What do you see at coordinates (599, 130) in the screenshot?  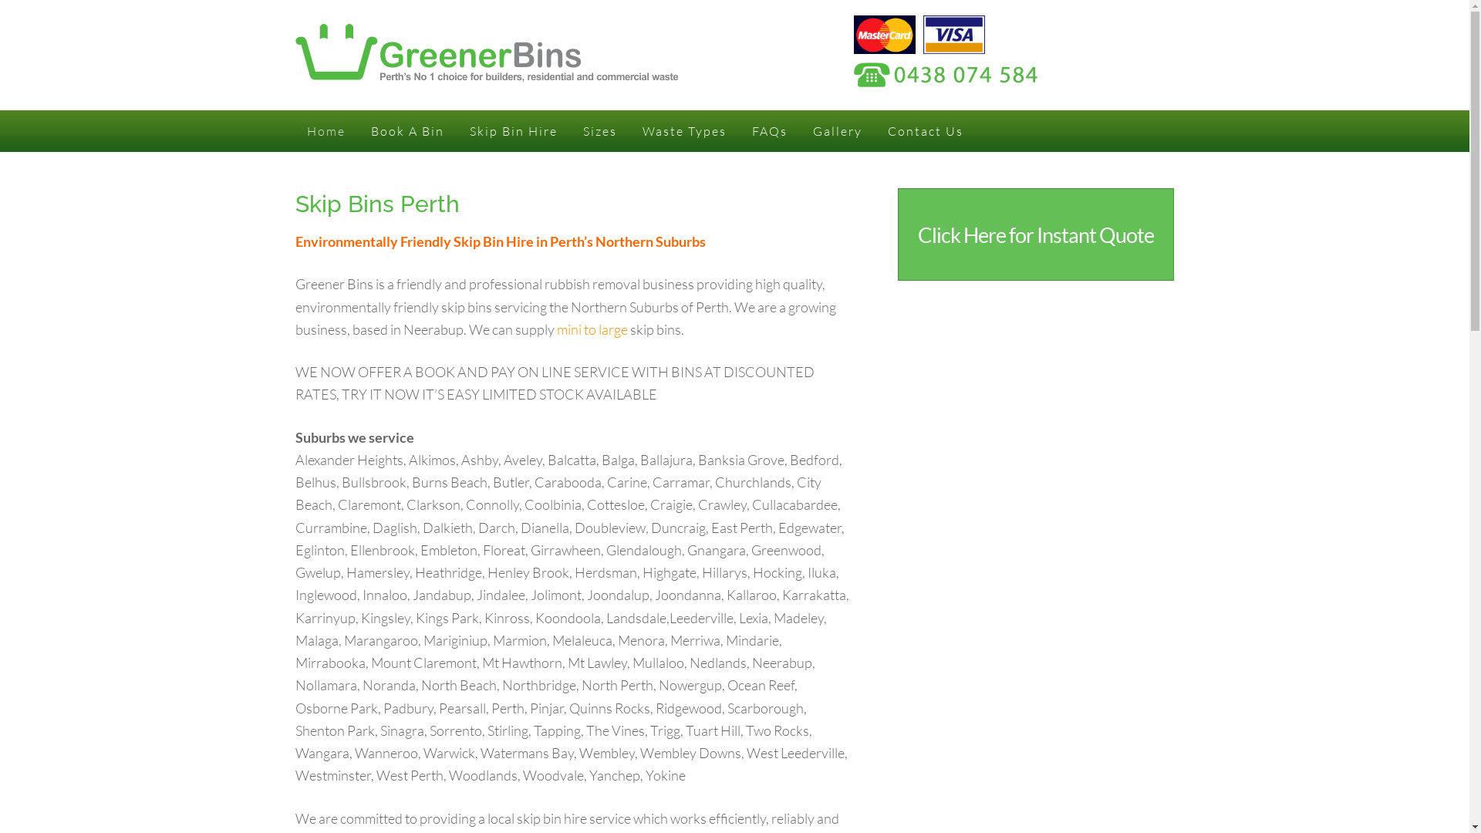 I see `'Sizes'` at bounding box center [599, 130].